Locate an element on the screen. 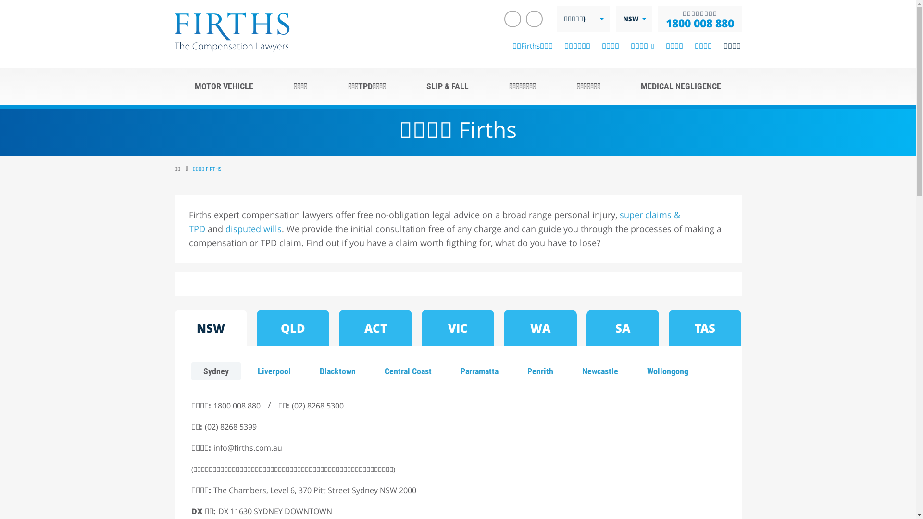 This screenshot has width=923, height=519. 'Liverpool' is located at coordinates (245, 371).